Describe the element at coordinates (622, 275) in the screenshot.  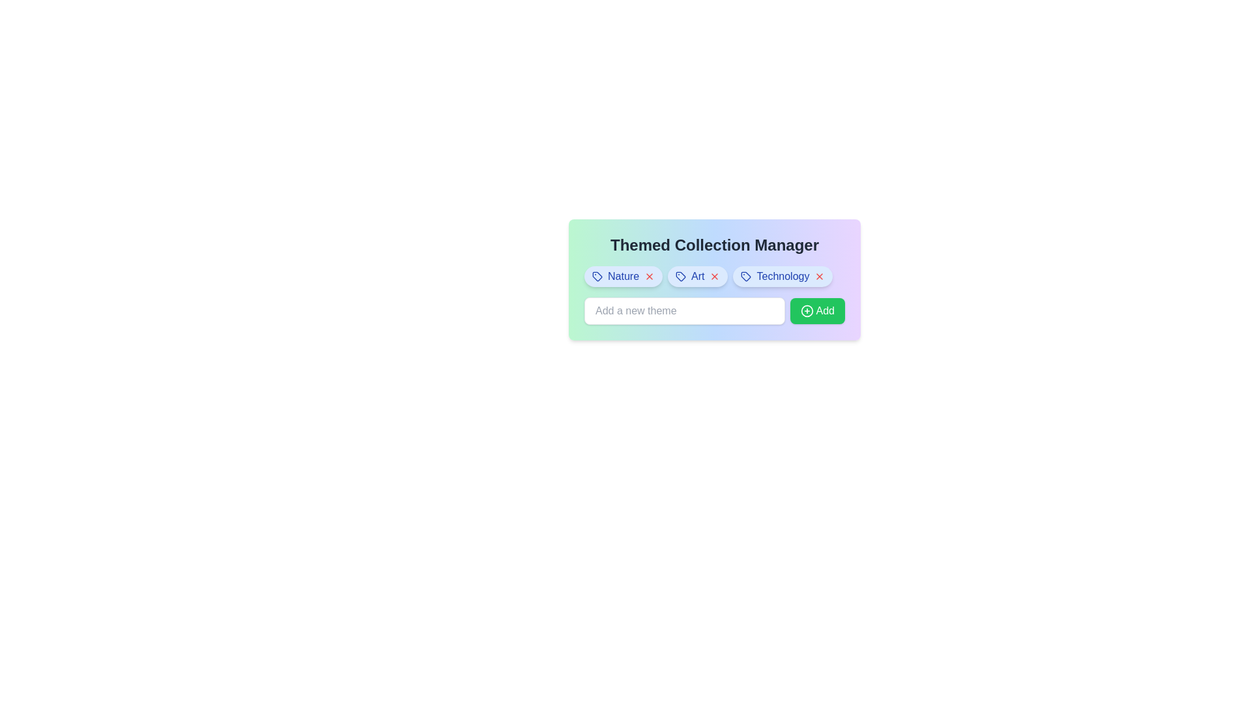
I see `the Nature tag to view its details` at that location.